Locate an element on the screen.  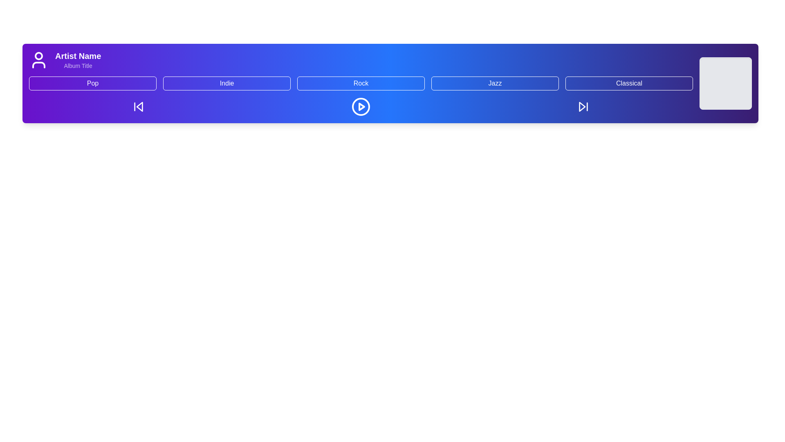
the 'Classical' genre button located at the upper portion of the interface, which is the fifth button in a horizontal row of genre buttons is located at coordinates (629, 83).